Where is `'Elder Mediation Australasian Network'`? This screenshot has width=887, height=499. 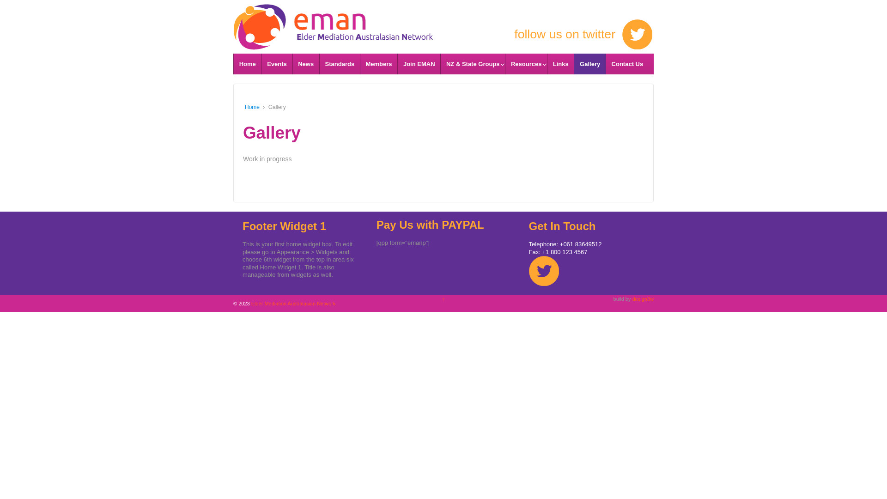
'Elder Mediation Australasian Network' is located at coordinates (292, 303).